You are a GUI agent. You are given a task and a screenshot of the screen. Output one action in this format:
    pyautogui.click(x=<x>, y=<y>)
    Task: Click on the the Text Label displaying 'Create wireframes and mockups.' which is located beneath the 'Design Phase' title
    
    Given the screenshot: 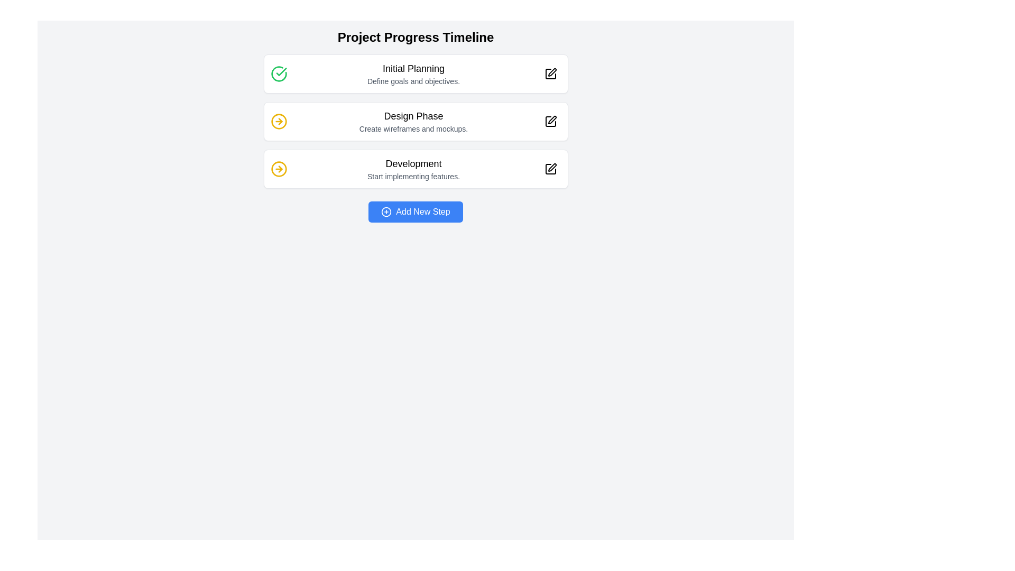 What is the action you would take?
    pyautogui.click(x=413, y=128)
    